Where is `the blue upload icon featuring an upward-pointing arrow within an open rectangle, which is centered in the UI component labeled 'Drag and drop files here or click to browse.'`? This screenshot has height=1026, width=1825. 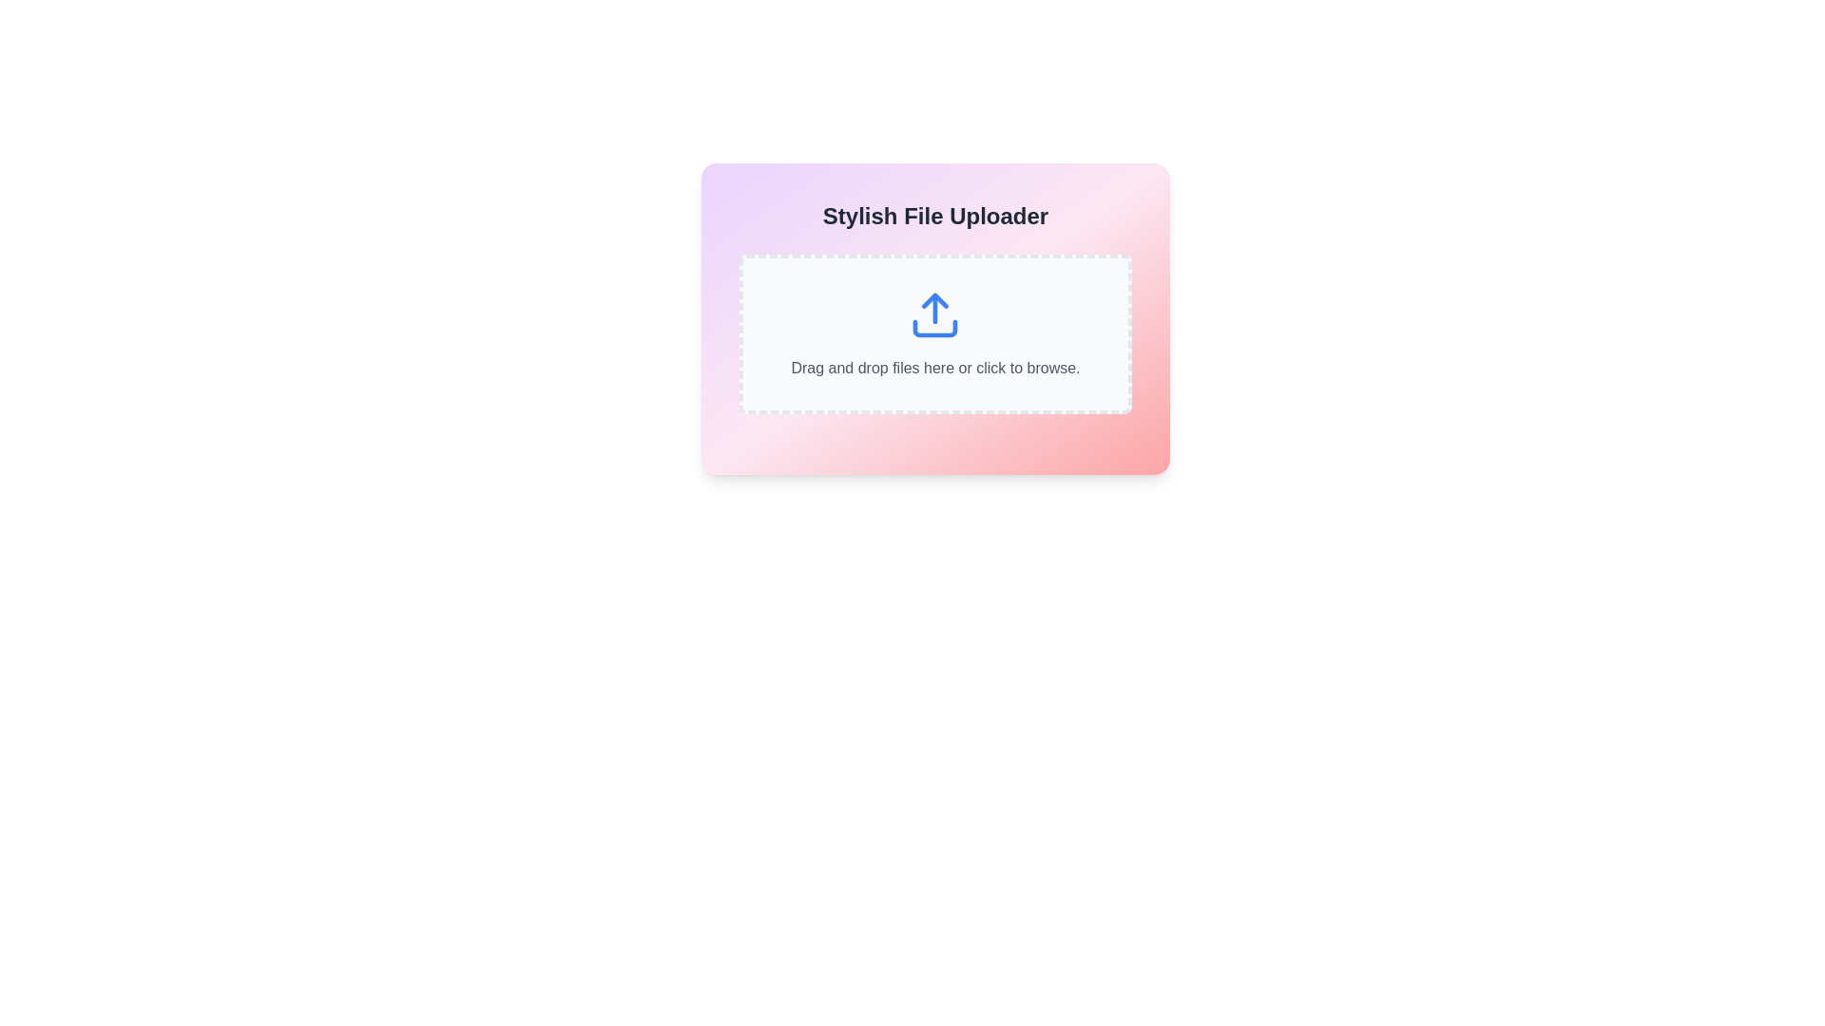 the blue upload icon featuring an upward-pointing arrow within an open rectangle, which is centered in the UI component labeled 'Drag and drop files here or click to browse.' is located at coordinates (935, 313).